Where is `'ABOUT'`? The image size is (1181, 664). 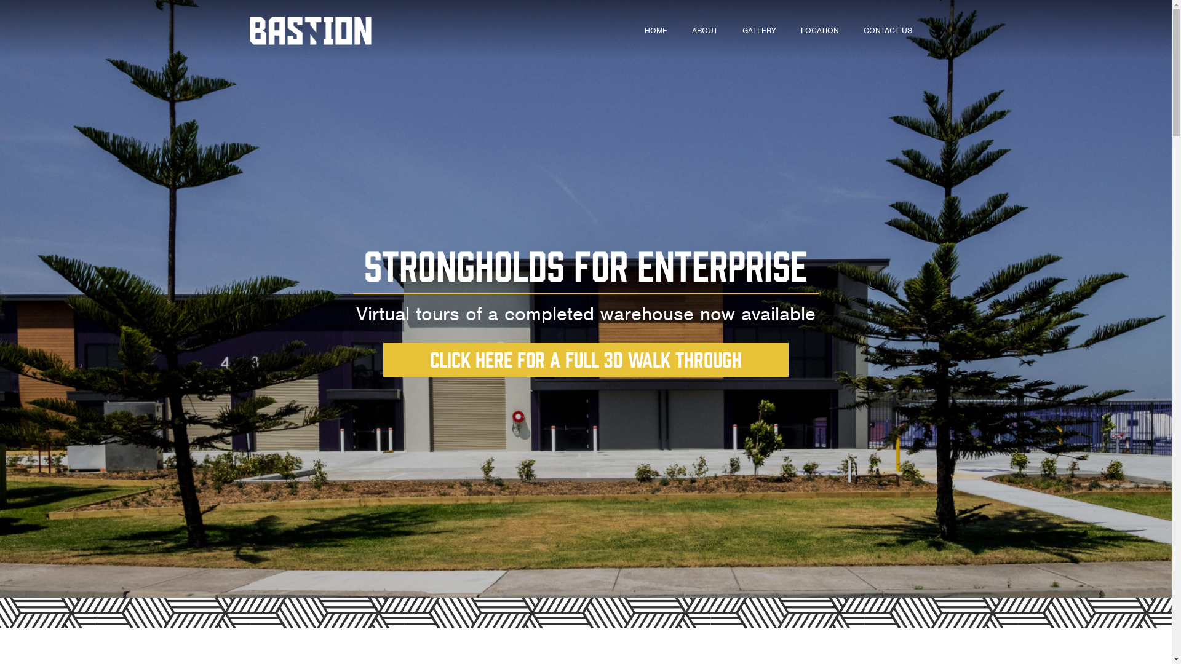 'ABOUT' is located at coordinates (705, 30).